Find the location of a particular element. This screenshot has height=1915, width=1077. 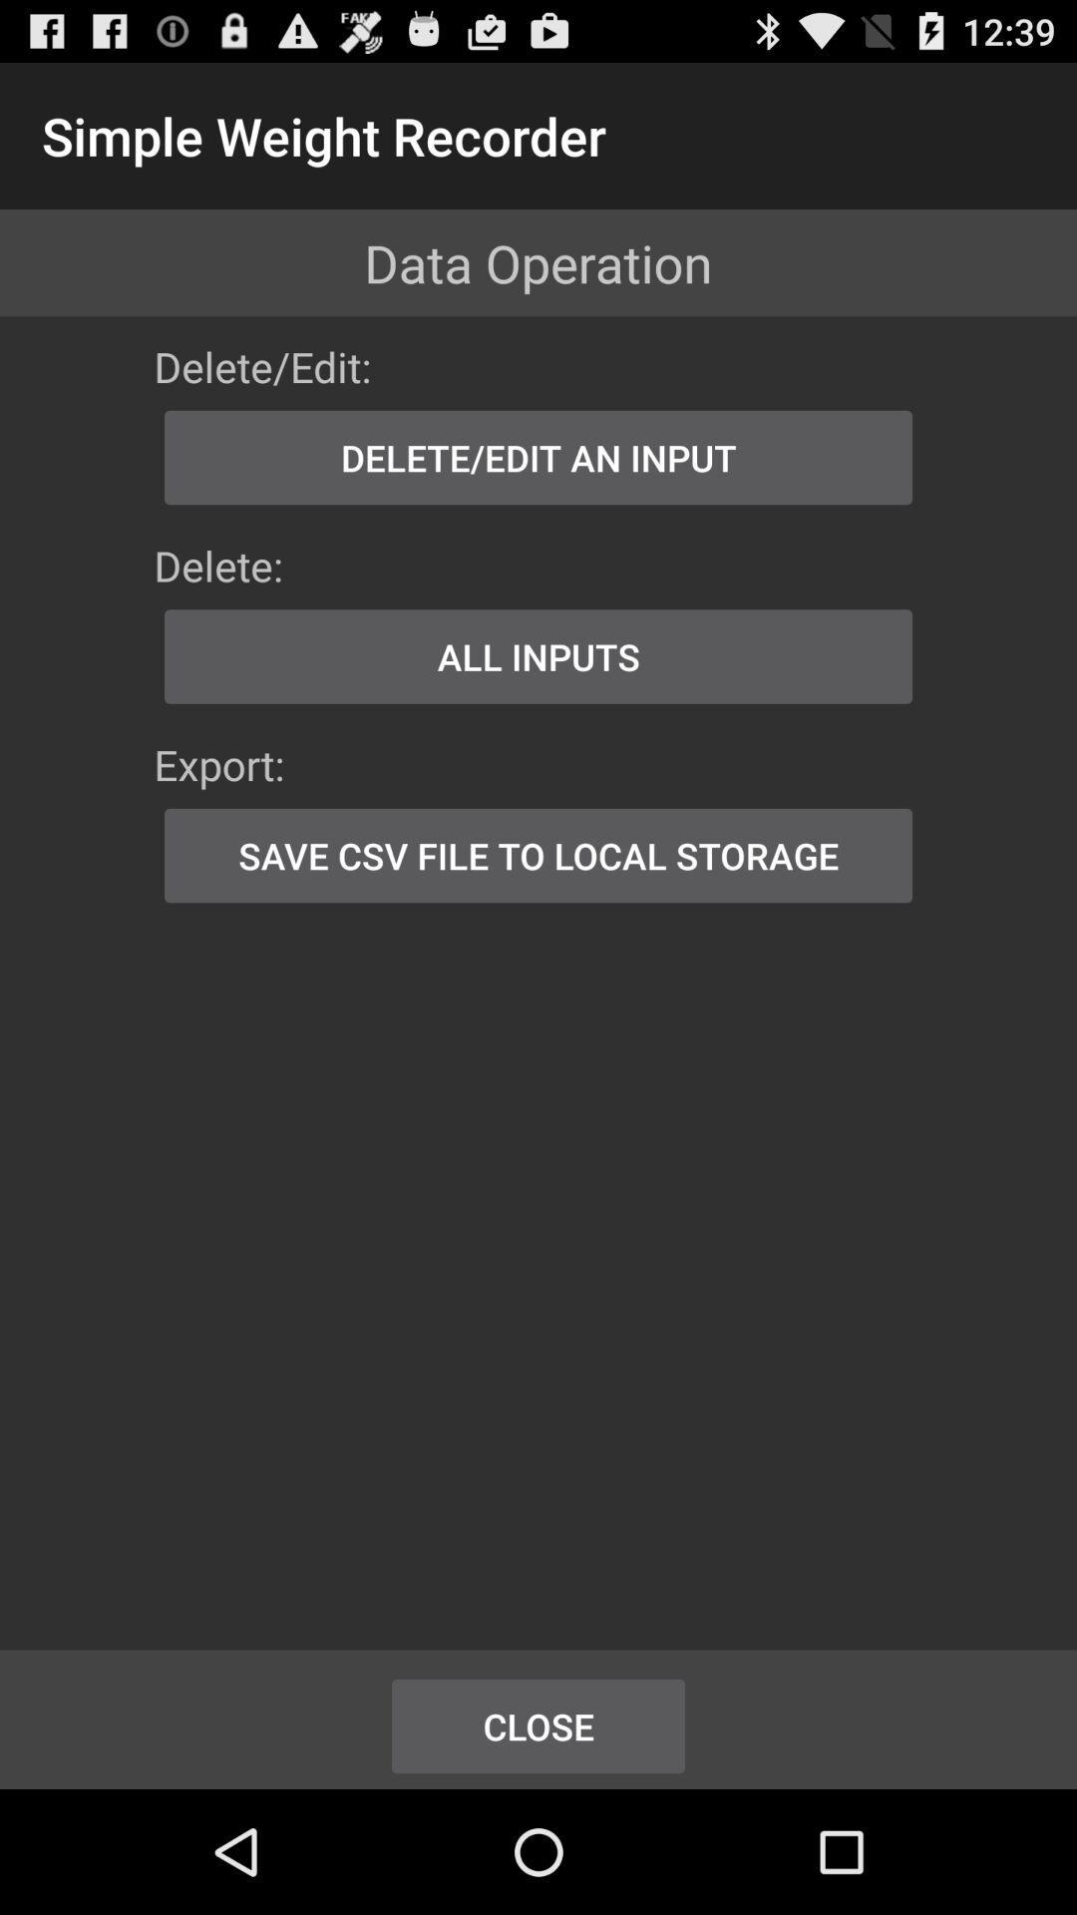

the save csv file icon is located at coordinates (538, 856).